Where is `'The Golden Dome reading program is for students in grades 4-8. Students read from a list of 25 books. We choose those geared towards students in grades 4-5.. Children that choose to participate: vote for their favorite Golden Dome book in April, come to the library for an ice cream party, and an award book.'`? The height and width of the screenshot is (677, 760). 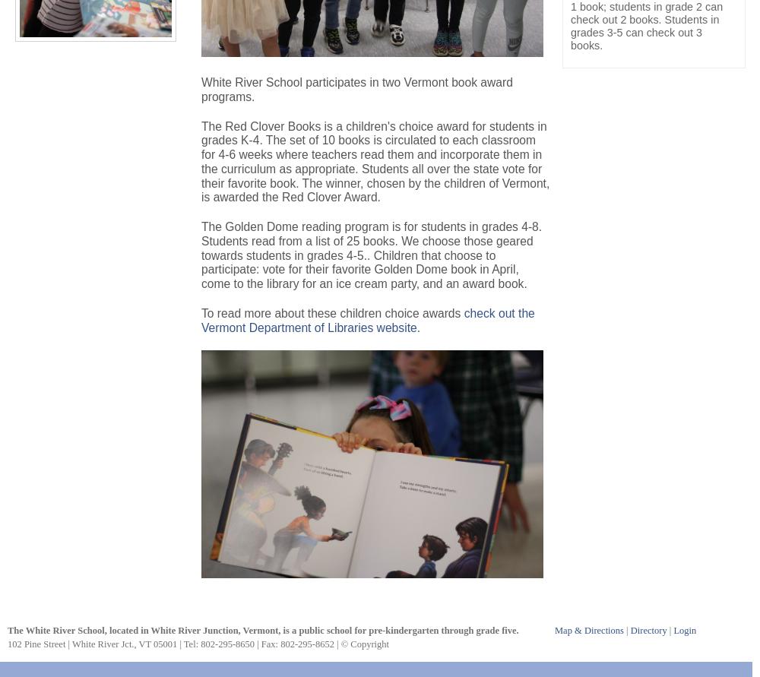
'The Golden Dome reading program is for students in grades 4-8. Students read from a list of 25 books. We choose those geared towards students in grades 4-5.. Children that choose to participate: vote for their favorite Golden Dome book in April, come to the library for an ice cream party, and an award book.' is located at coordinates (201, 254).